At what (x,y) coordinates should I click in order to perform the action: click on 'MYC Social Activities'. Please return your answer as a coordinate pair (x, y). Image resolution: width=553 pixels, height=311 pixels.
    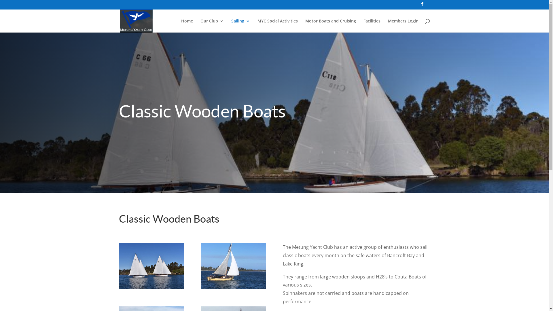
    Looking at the image, I should click on (257, 25).